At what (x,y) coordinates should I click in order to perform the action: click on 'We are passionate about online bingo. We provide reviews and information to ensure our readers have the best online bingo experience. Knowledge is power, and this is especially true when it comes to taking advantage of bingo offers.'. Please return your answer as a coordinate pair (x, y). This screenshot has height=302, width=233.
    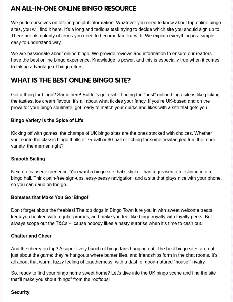
    Looking at the image, I should click on (115, 60).